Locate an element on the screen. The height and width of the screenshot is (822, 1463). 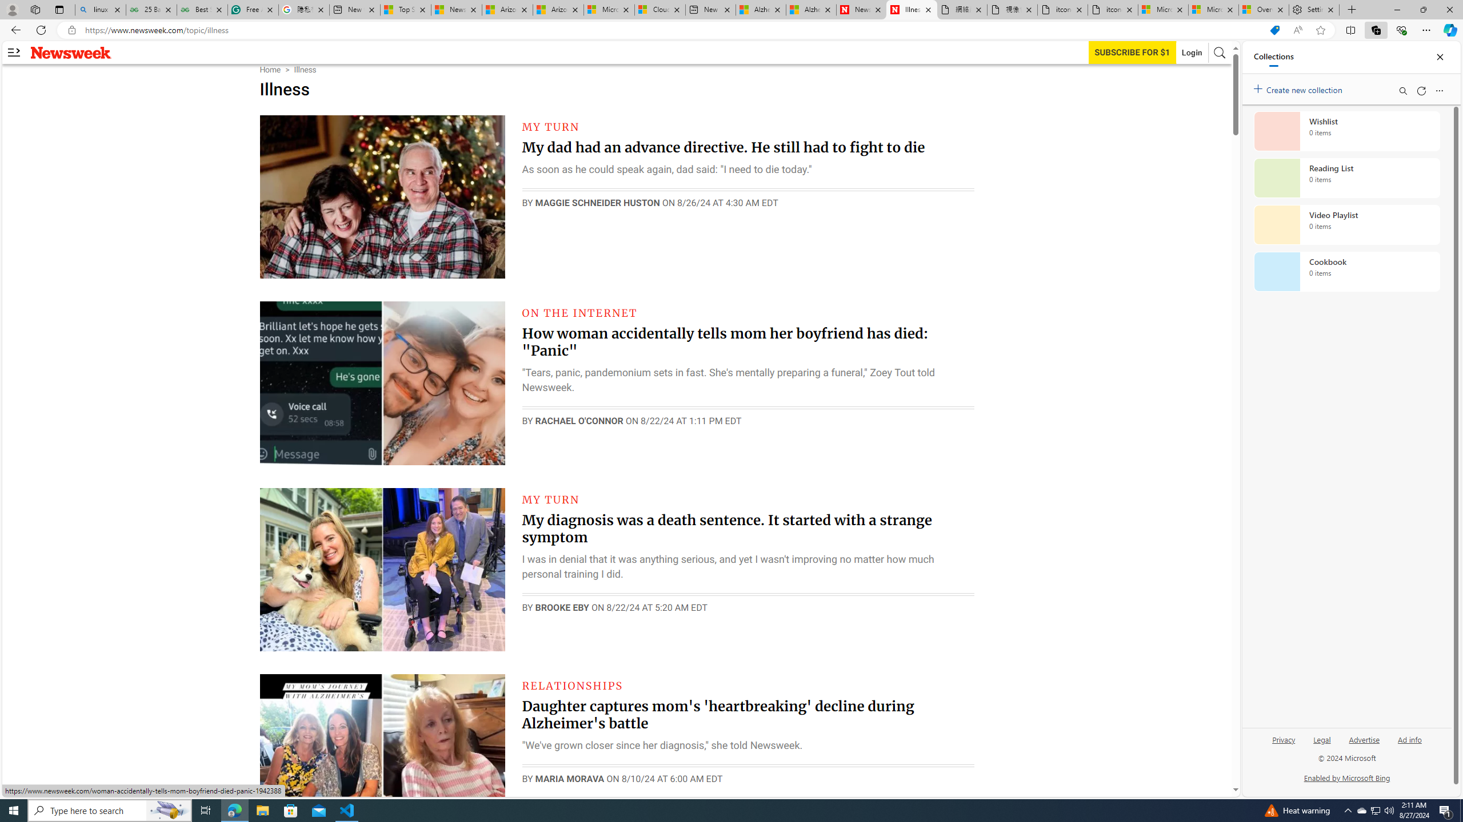
'Newsweek logo' is located at coordinates (70, 52).